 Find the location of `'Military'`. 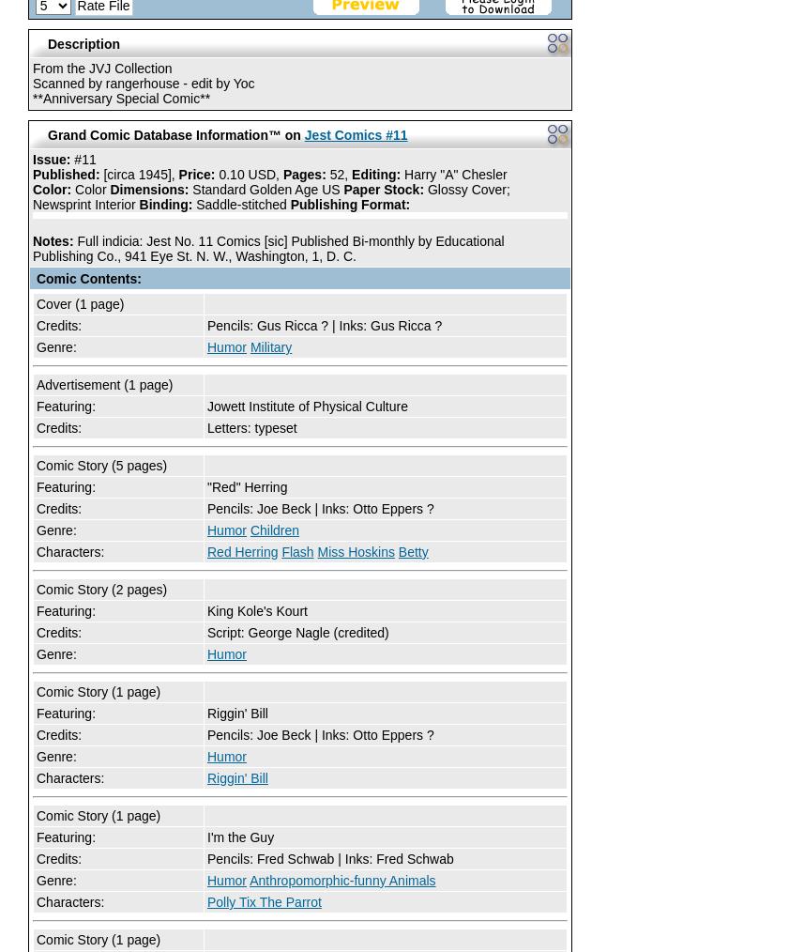

'Military' is located at coordinates (269, 346).